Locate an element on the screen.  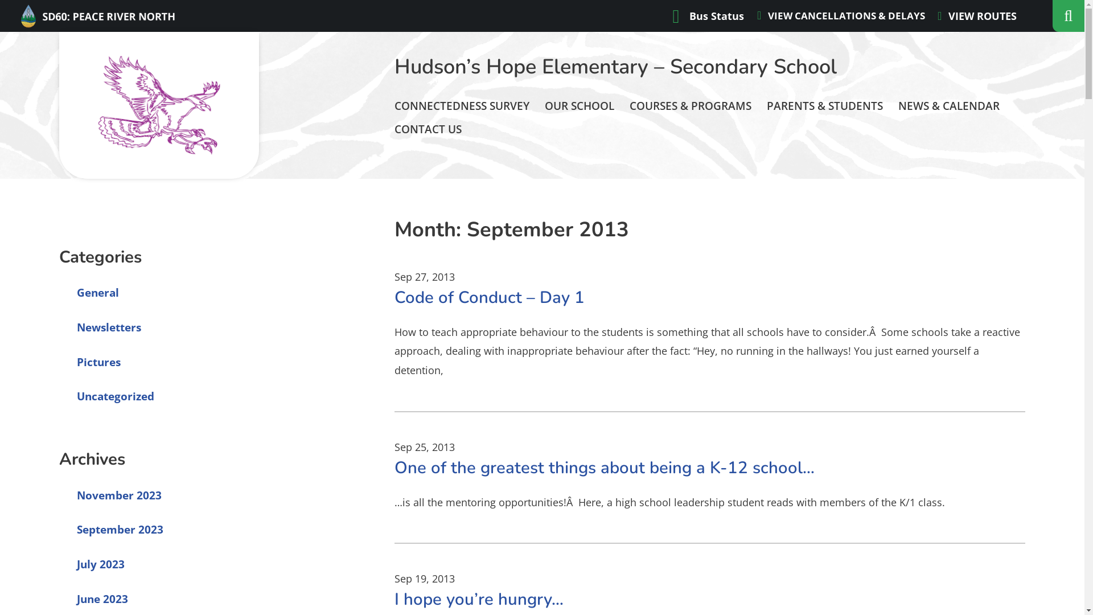
'PARENTS & STUDENTS' is located at coordinates (825, 106).